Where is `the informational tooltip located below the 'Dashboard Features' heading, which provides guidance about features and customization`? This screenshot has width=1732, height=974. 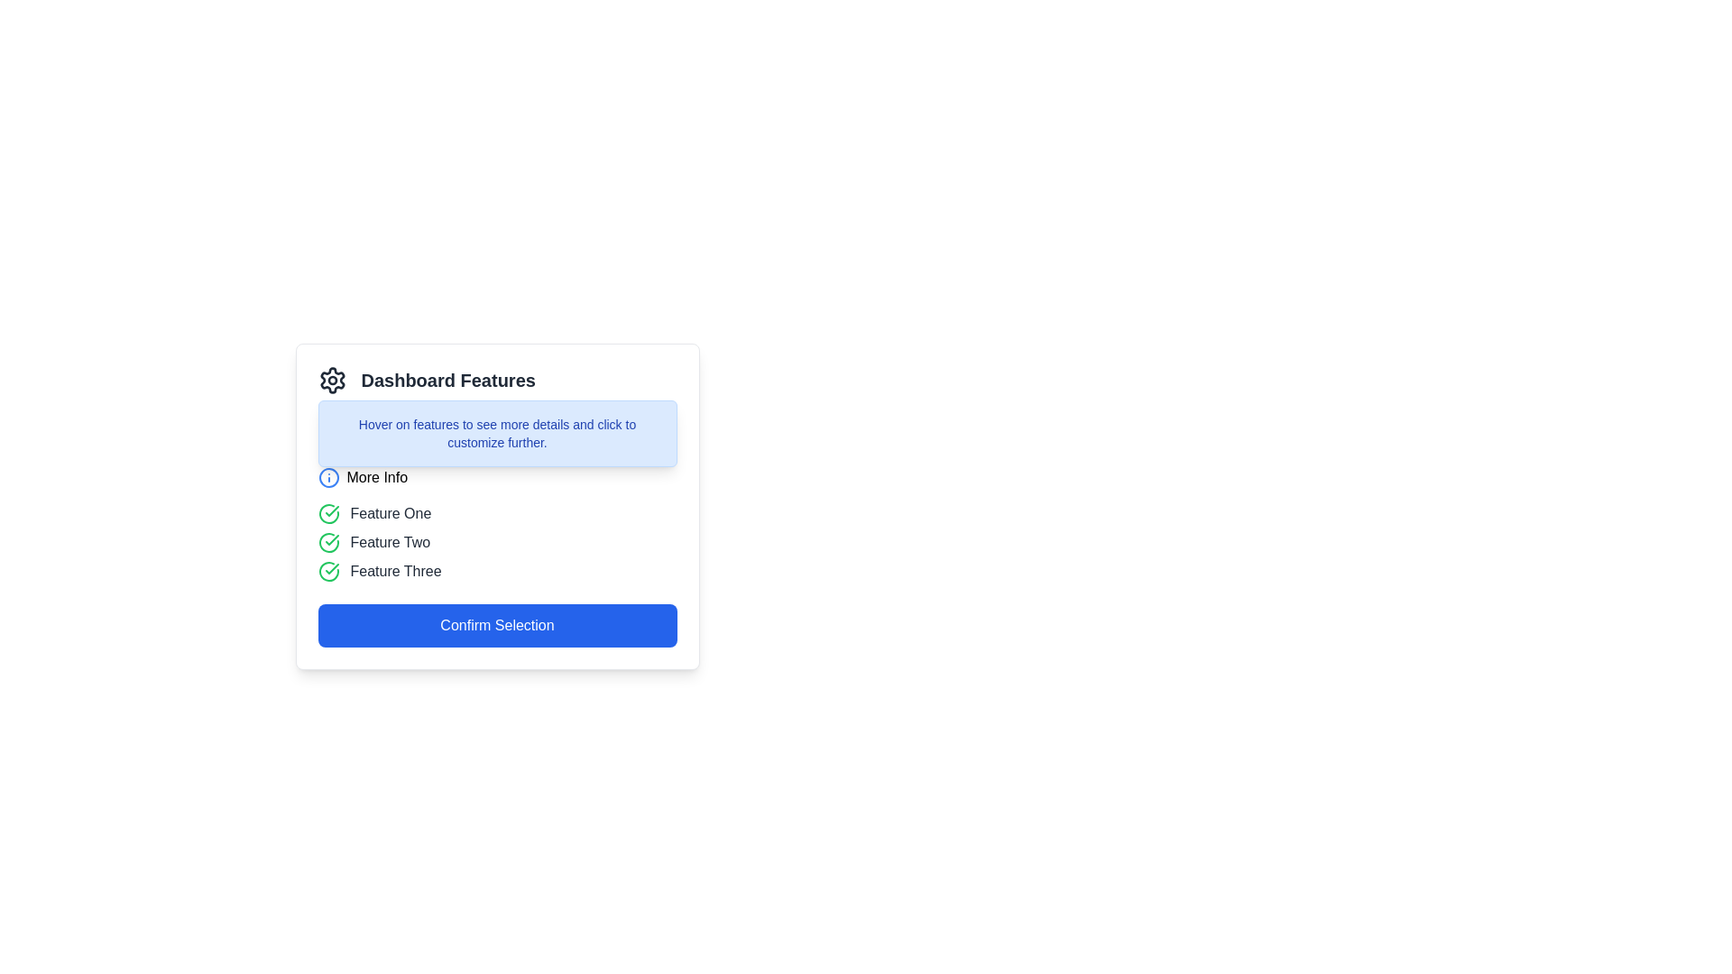 the informational tooltip located below the 'Dashboard Features' heading, which provides guidance about features and customization is located at coordinates (497, 434).